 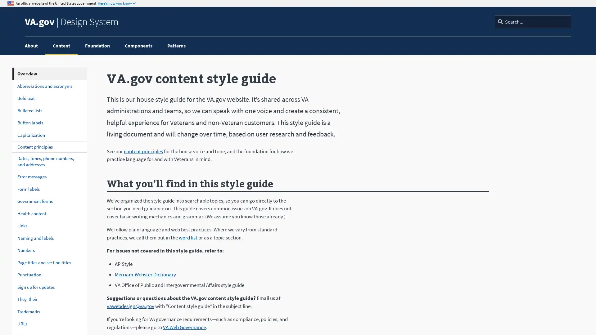 What do you see at coordinates (49, 147) in the screenshot?
I see `Content principles` at bounding box center [49, 147].